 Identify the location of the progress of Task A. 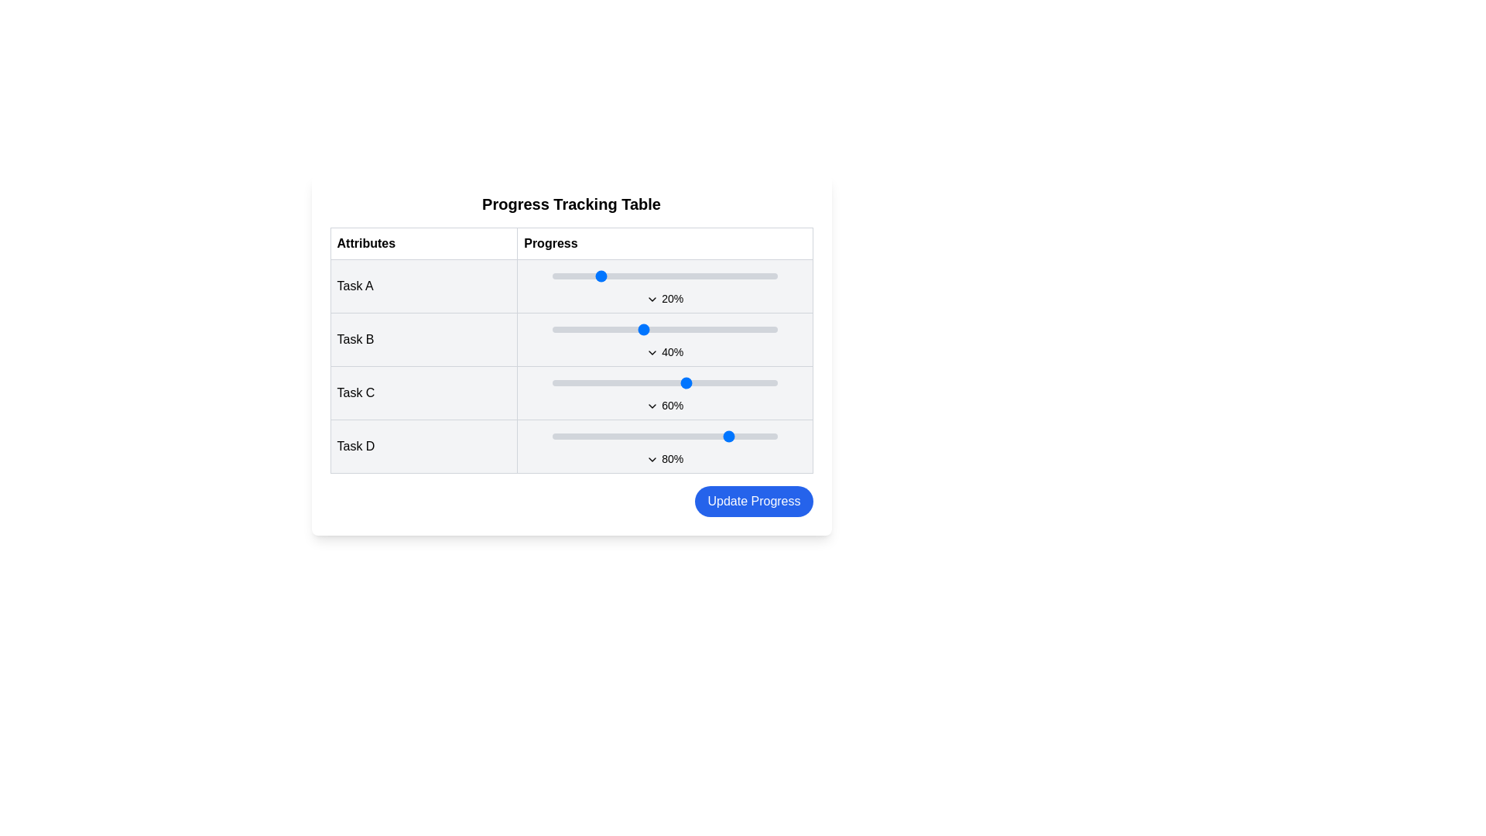
(752, 276).